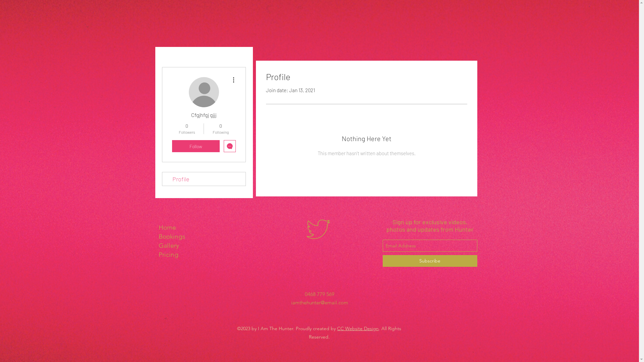 The width and height of the screenshot is (644, 362). Describe the element at coordinates (188, 227) in the screenshot. I see `'Home'` at that location.